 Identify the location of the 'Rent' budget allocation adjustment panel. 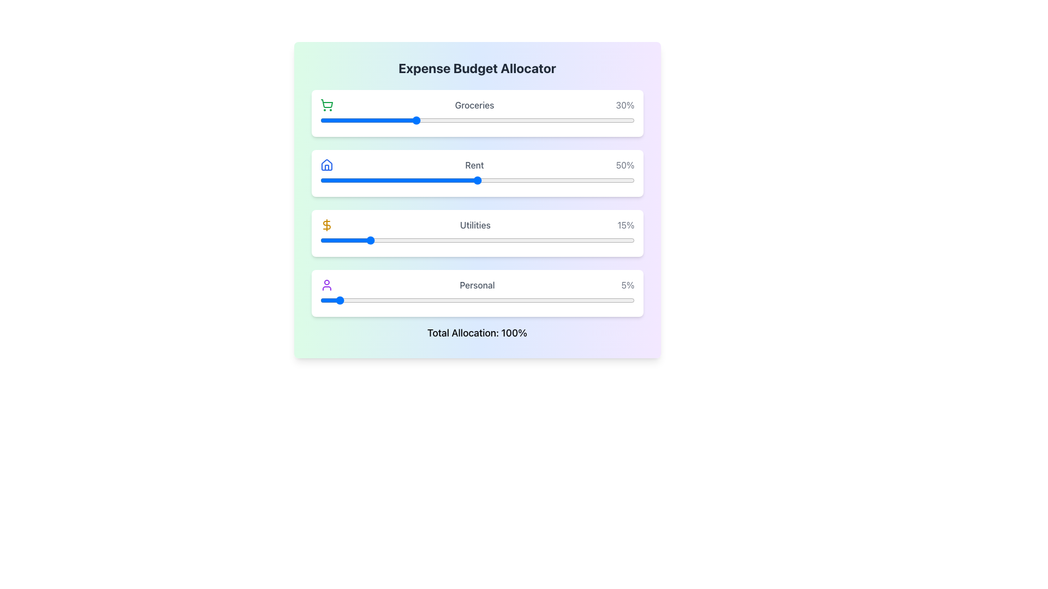
(477, 172).